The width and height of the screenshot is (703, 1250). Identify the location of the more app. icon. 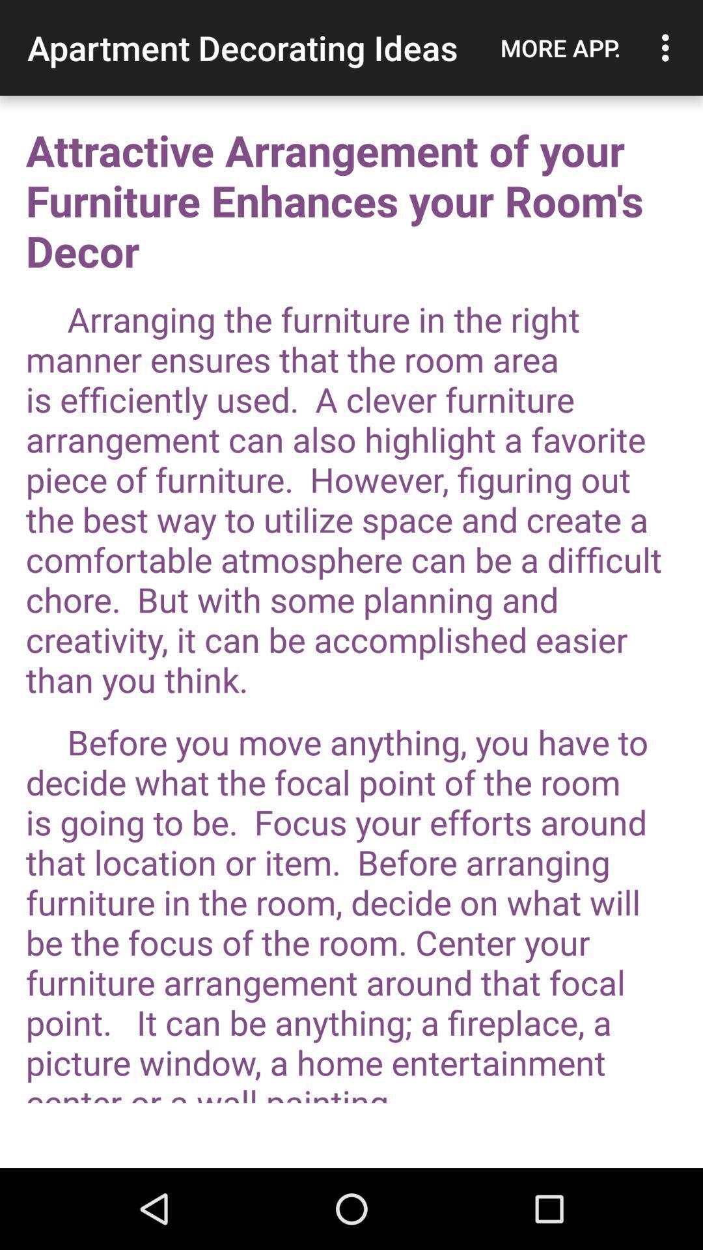
(560, 48).